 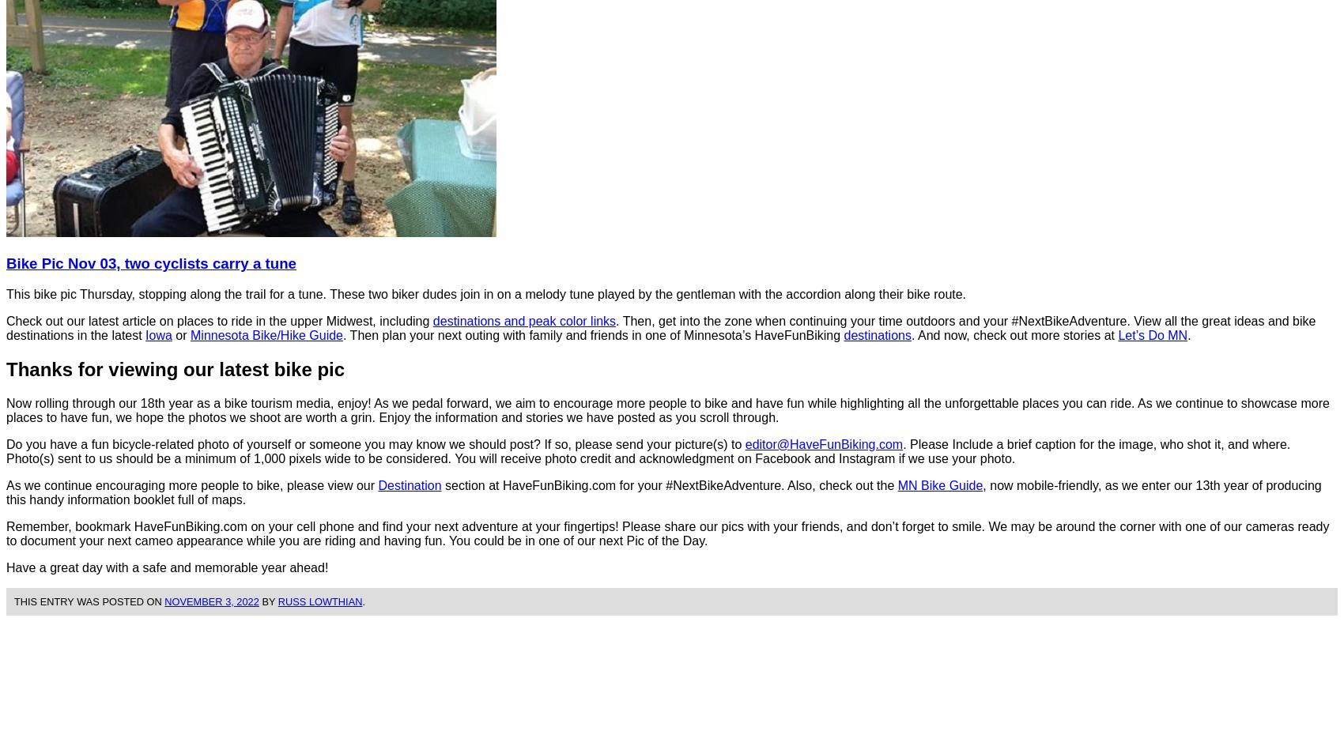 I want to click on 'Minnesota Bike/Hike Guide', so click(x=266, y=333).